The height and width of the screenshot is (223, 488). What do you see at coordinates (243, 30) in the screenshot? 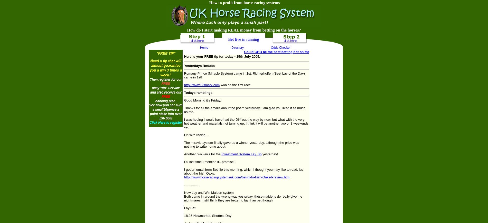
I see `'How do I start making REAL money from betting on the horses?'` at bounding box center [243, 30].